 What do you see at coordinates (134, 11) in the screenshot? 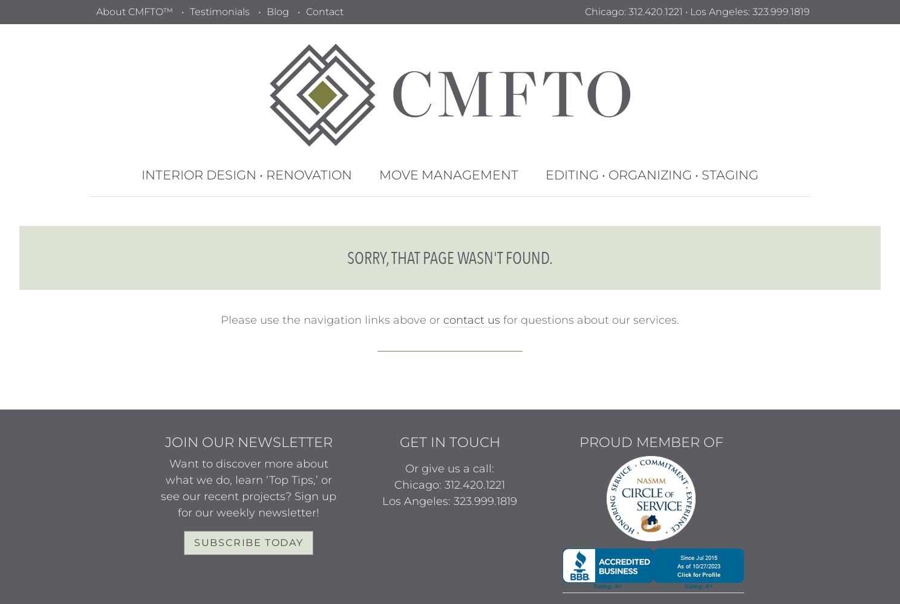
I see `'About CMFTO™'` at bounding box center [134, 11].